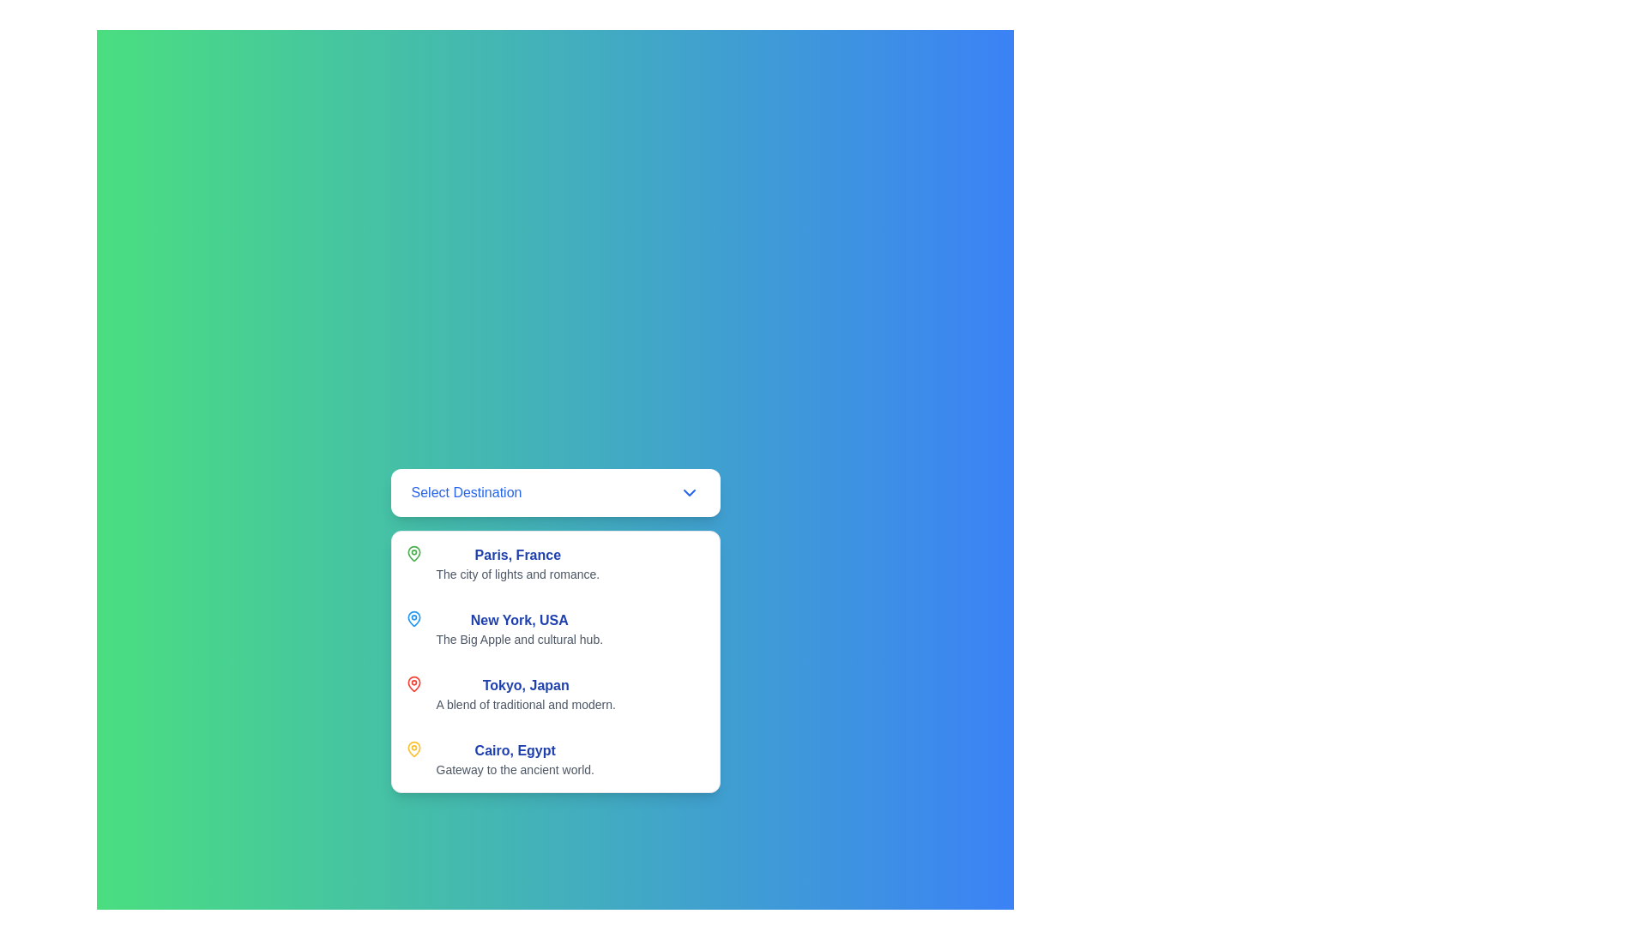 Image resolution: width=1647 pixels, height=926 pixels. I want to click on the third item in the dropdown menu, so click(555, 660).